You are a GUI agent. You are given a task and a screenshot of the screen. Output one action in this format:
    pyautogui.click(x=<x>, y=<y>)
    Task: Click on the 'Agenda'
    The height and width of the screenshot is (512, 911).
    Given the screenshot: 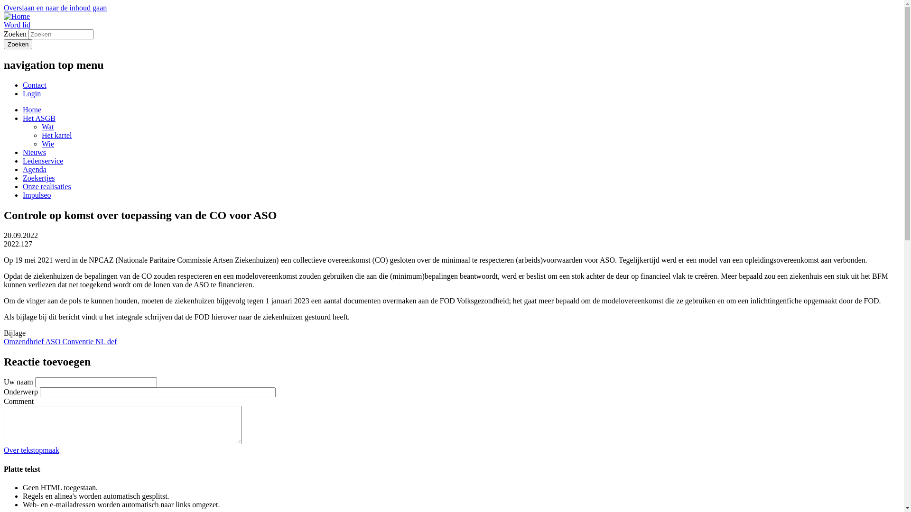 What is the action you would take?
    pyautogui.click(x=34, y=169)
    